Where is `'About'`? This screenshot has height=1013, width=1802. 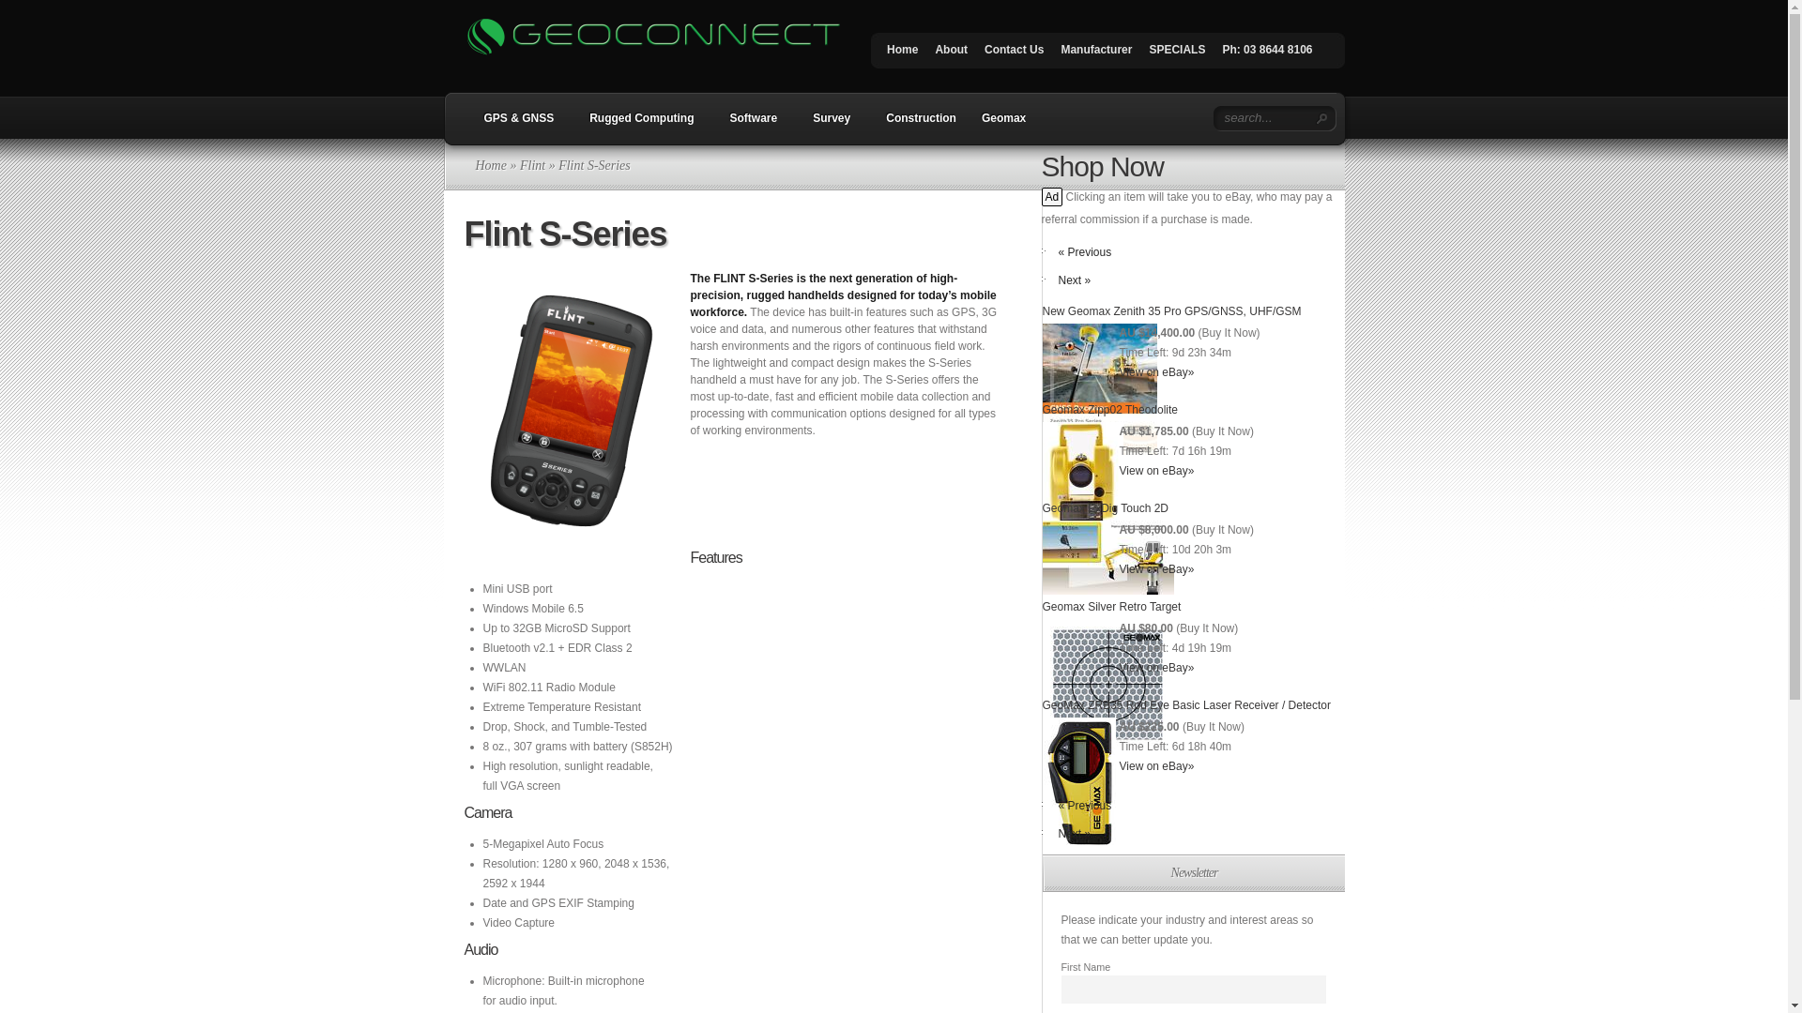
'About' is located at coordinates (926, 53).